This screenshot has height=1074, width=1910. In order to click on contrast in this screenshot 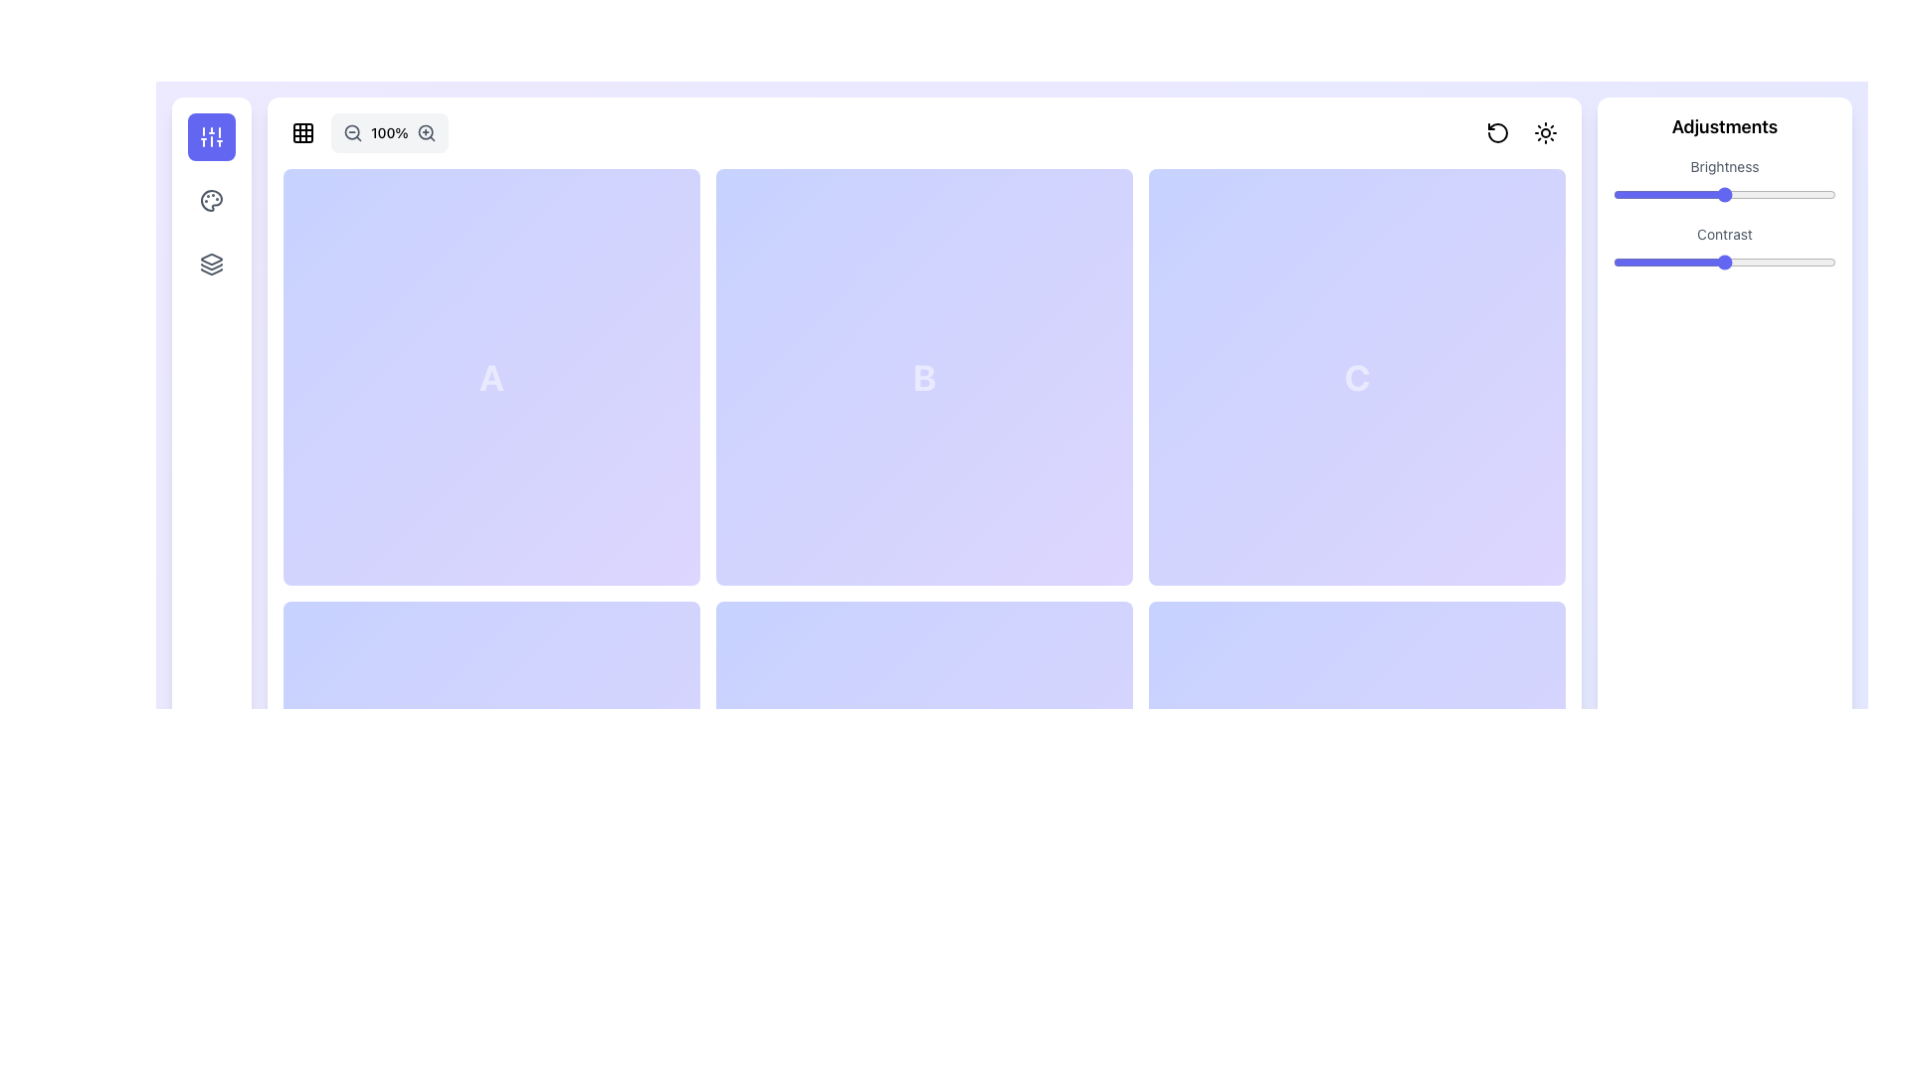, I will do `click(1620, 261)`.